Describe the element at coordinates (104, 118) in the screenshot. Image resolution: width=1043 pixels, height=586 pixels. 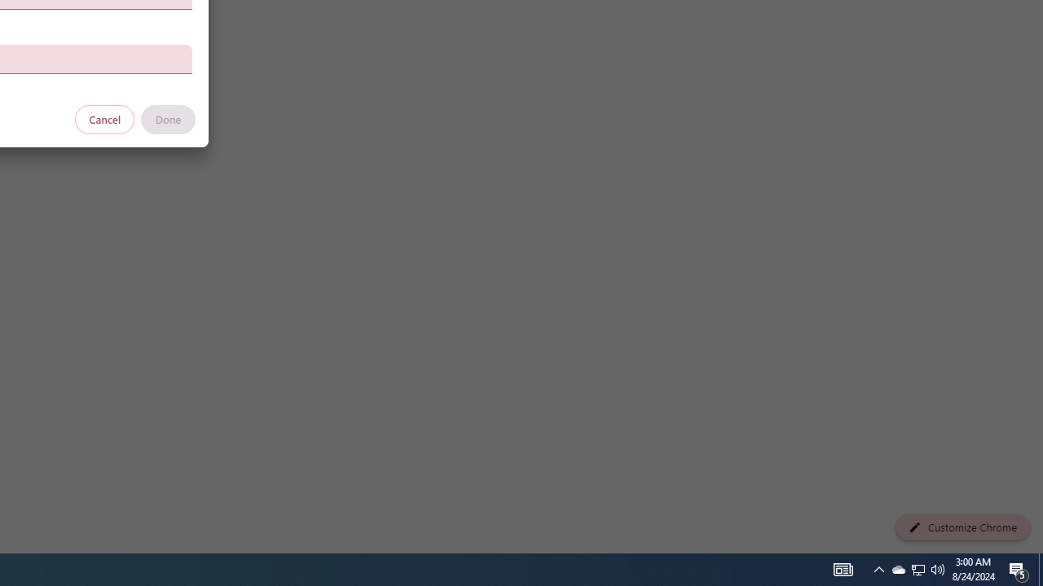
I see `'Cancel'` at that location.